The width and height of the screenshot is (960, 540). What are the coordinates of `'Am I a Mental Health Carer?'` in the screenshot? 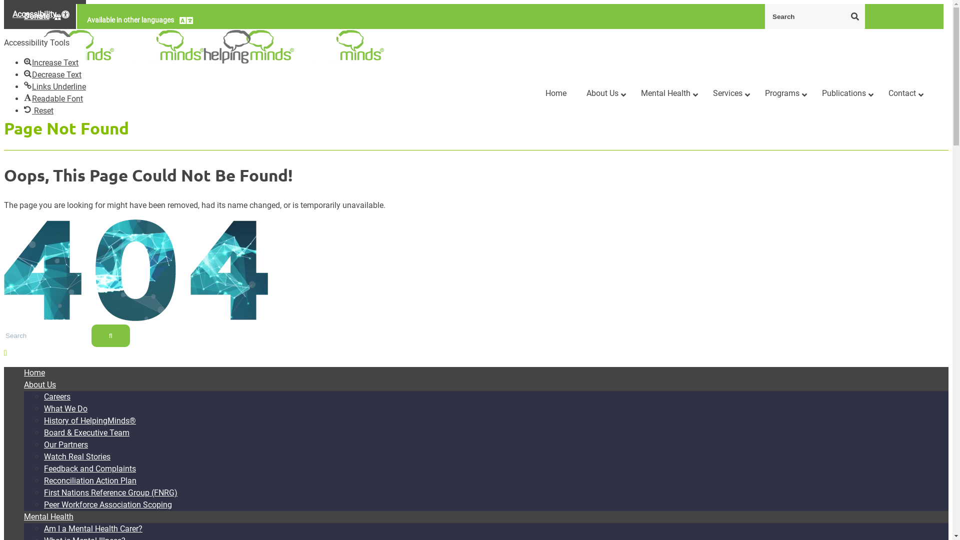 It's located at (93, 528).